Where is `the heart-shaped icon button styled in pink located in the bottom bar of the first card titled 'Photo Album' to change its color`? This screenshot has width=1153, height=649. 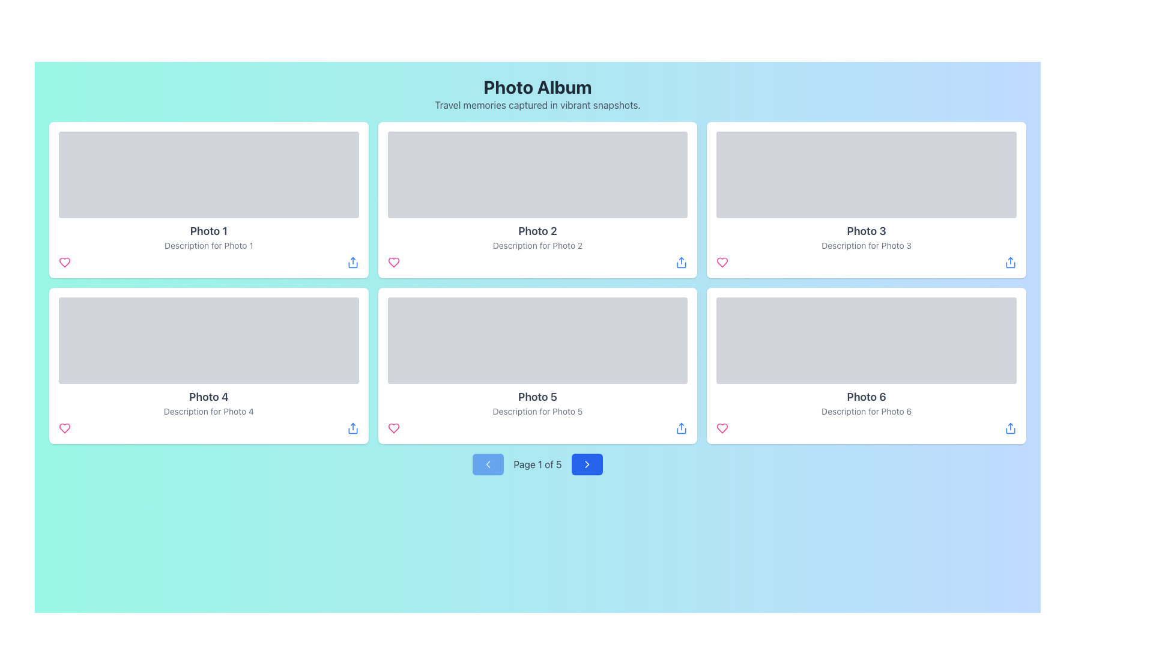 the heart-shaped icon button styled in pink located in the bottom bar of the first card titled 'Photo Album' to change its color is located at coordinates (64, 261).